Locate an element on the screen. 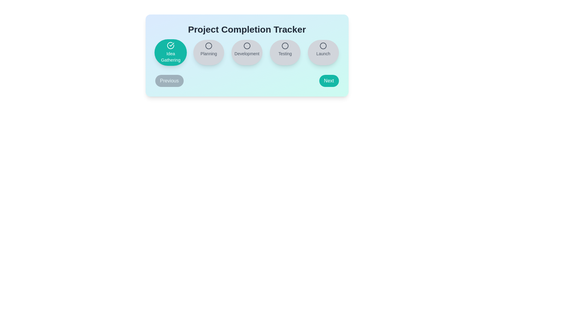  the circular graphical icon representing the 'Launch' stage in the step tracker interface is located at coordinates (323, 45).